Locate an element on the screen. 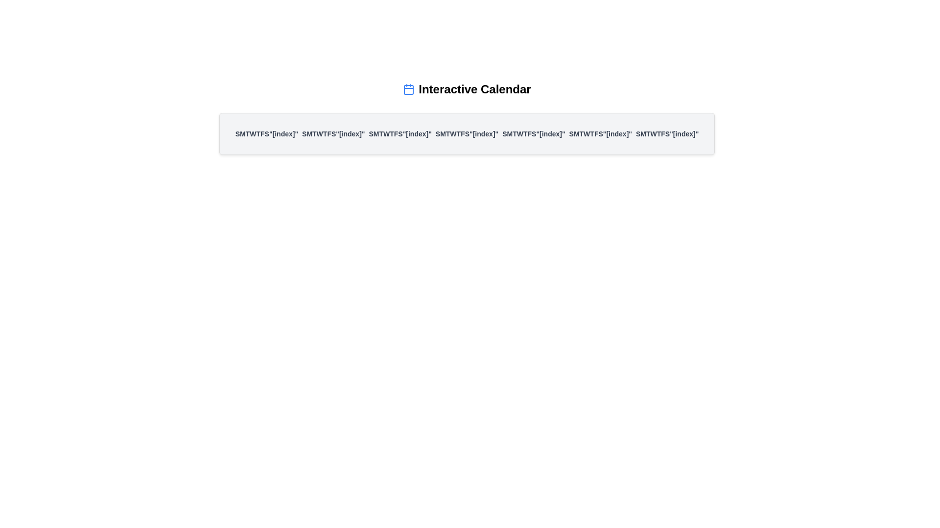  the third Text Label element, which displays 'SMTWTFS' in bold gray text, centrally aligned within a grid layout is located at coordinates (400, 133).